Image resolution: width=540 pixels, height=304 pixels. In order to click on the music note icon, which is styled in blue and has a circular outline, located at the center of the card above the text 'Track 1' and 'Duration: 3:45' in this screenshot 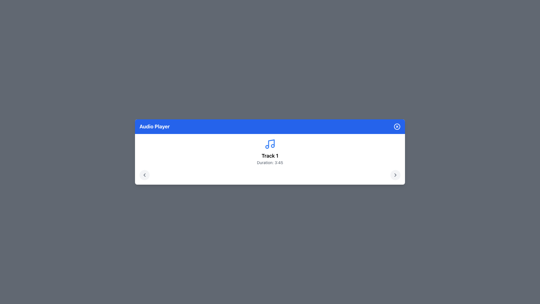, I will do `click(270, 144)`.